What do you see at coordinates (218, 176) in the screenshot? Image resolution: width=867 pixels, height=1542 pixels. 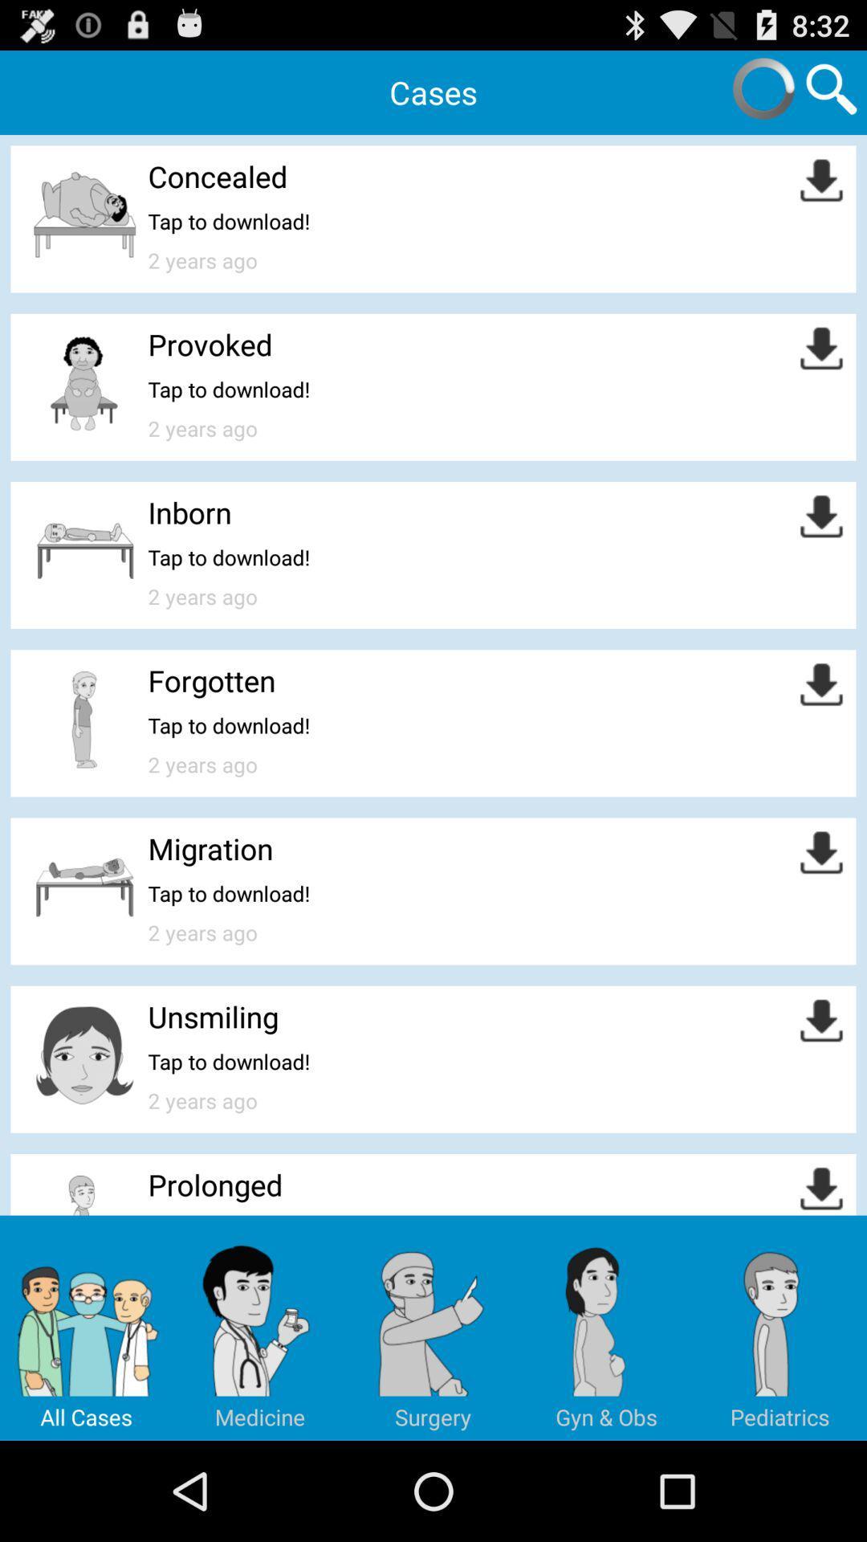 I see `icon above tap to download!` at bounding box center [218, 176].